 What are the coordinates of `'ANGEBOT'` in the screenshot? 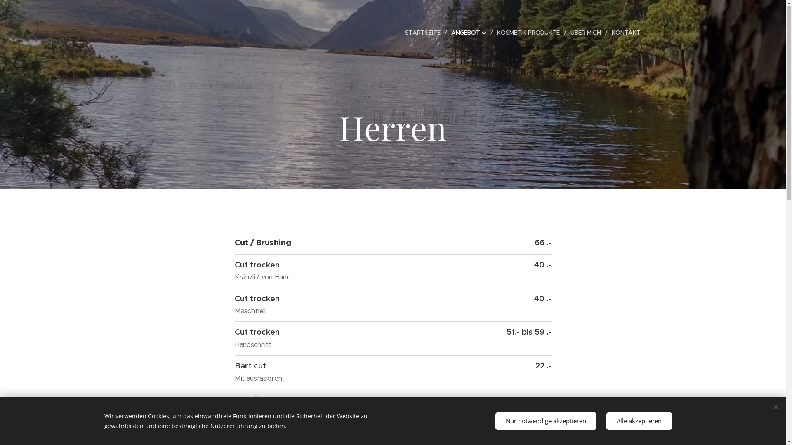 It's located at (470, 33).